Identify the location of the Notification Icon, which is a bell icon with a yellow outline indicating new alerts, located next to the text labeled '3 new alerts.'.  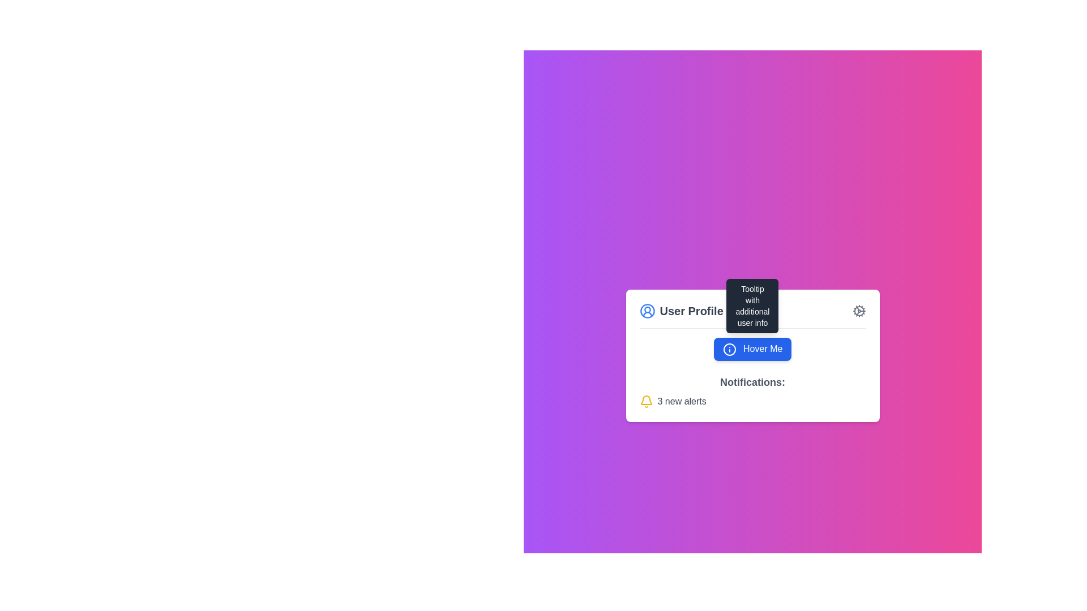
(646, 401).